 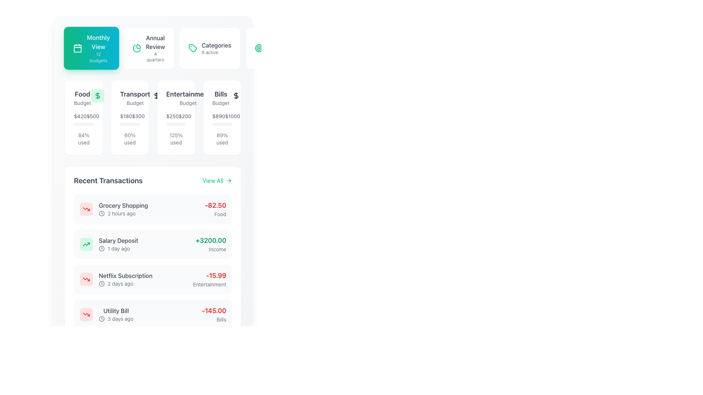 I want to click on the 'Entertainment' and 'Budget' label text block, which is located under the 'Monthly View' title and above detailed budget usage statistics, so click(x=188, y=97).